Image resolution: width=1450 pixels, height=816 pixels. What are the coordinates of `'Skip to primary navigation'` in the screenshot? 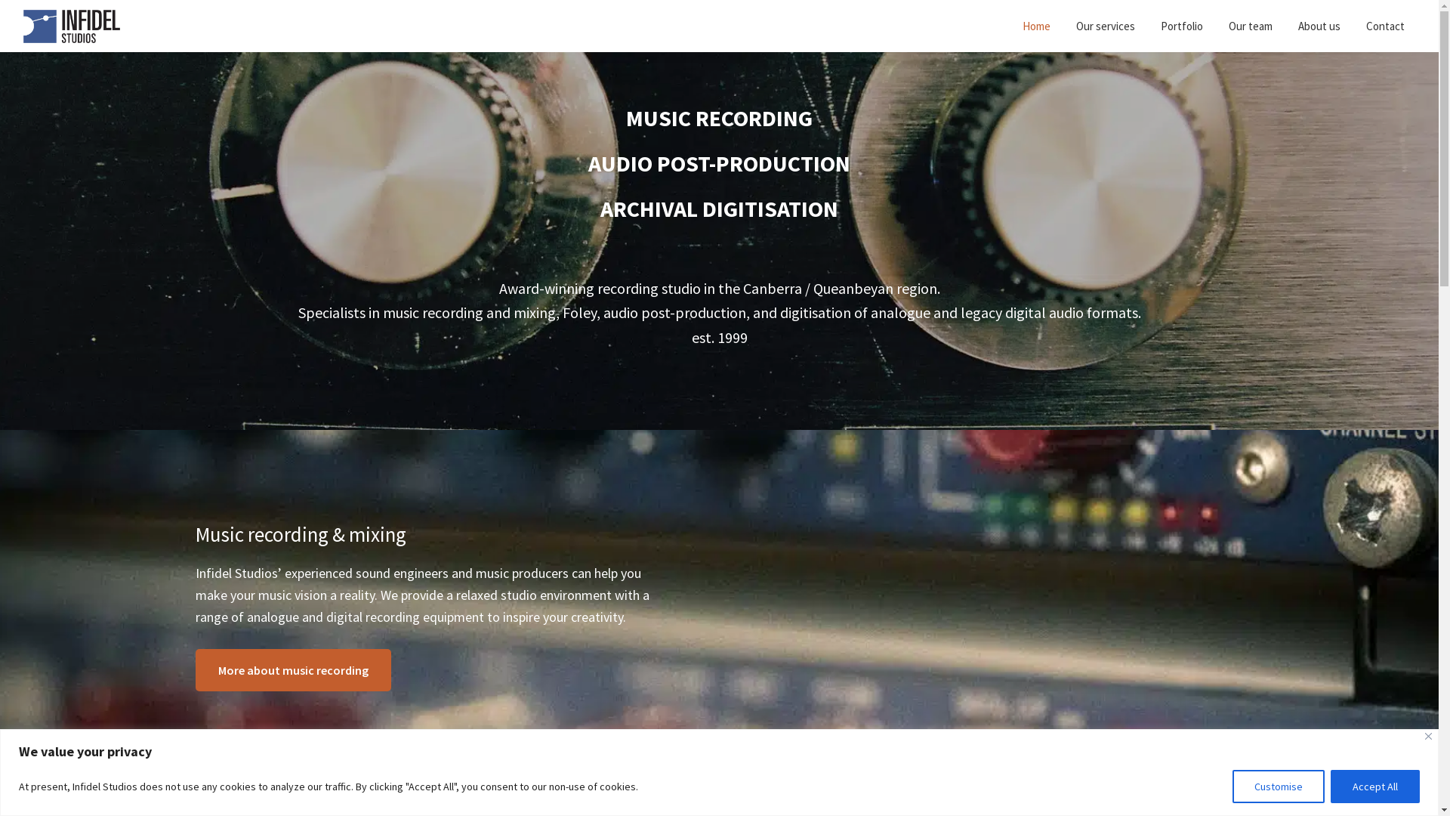 It's located at (0, 0).